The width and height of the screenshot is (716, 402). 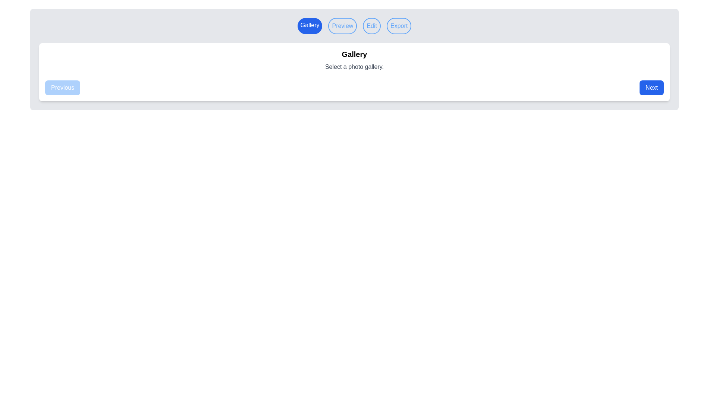 I want to click on the step label Edit to navigate to the corresponding step, so click(x=372, y=25).